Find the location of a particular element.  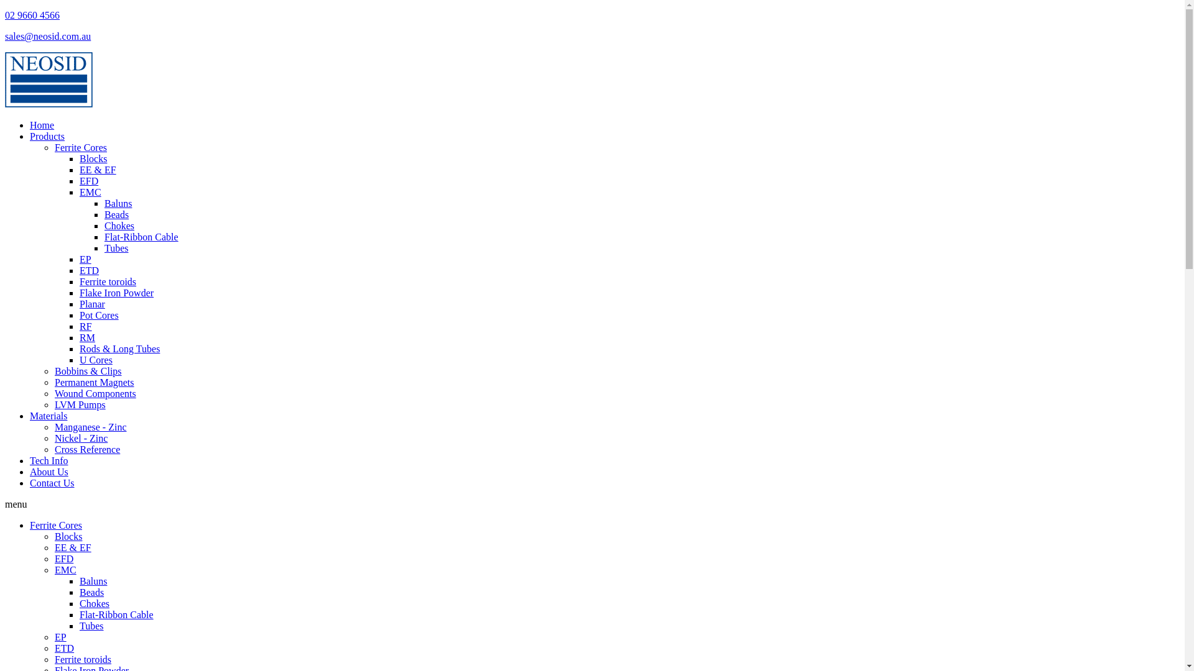

'Chokes' is located at coordinates (119, 226).